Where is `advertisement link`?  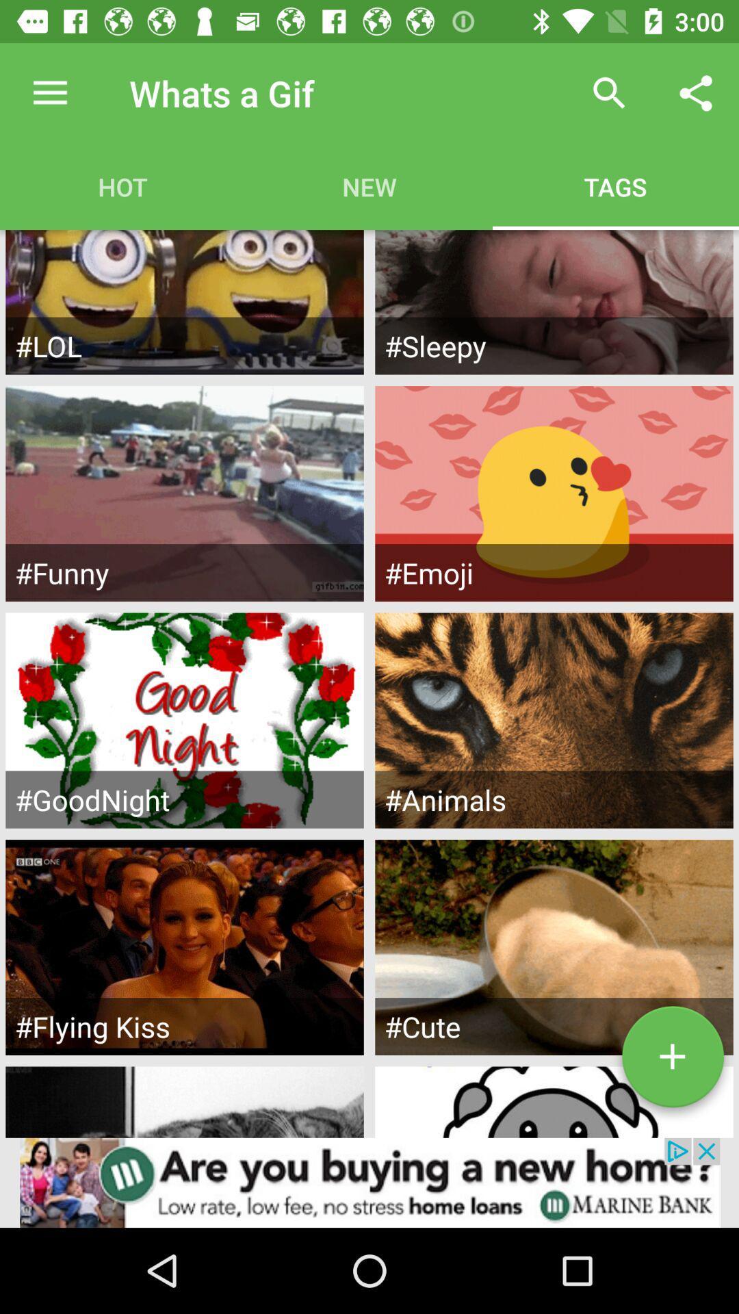 advertisement link is located at coordinates (369, 1182).